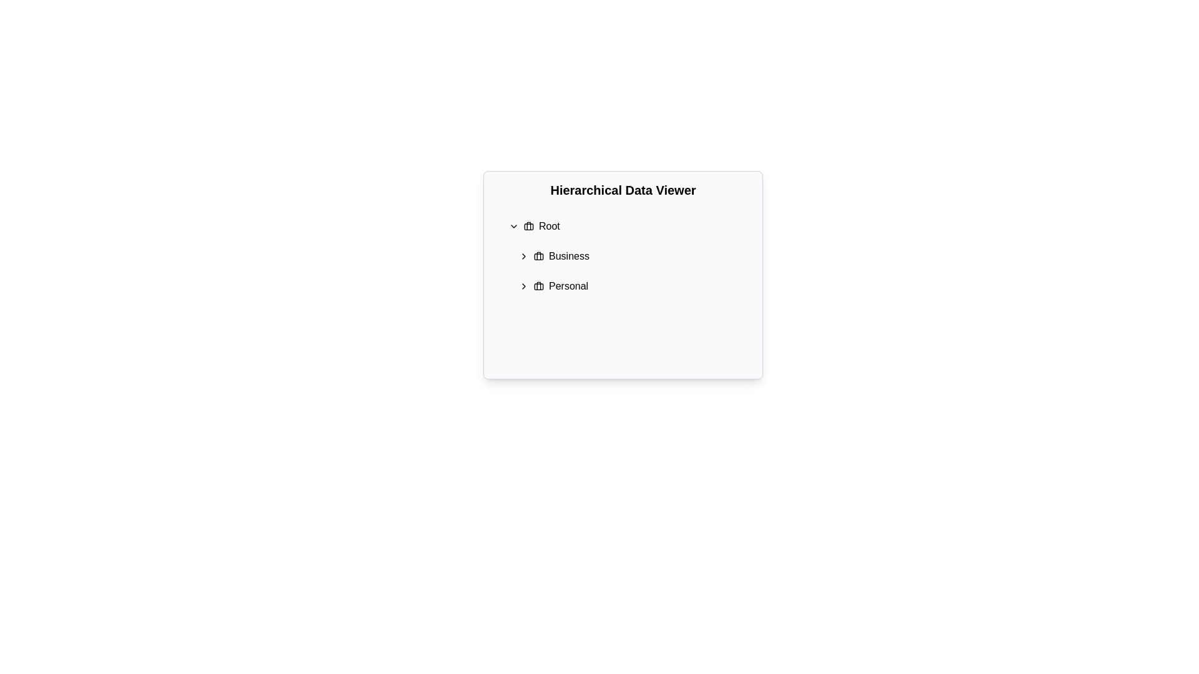 This screenshot has height=674, width=1199. Describe the element at coordinates (539, 286) in the screenshot. I see `the briefcase icon located next to the 'Personal' label in the hierarchical data viewer layout` at that location.